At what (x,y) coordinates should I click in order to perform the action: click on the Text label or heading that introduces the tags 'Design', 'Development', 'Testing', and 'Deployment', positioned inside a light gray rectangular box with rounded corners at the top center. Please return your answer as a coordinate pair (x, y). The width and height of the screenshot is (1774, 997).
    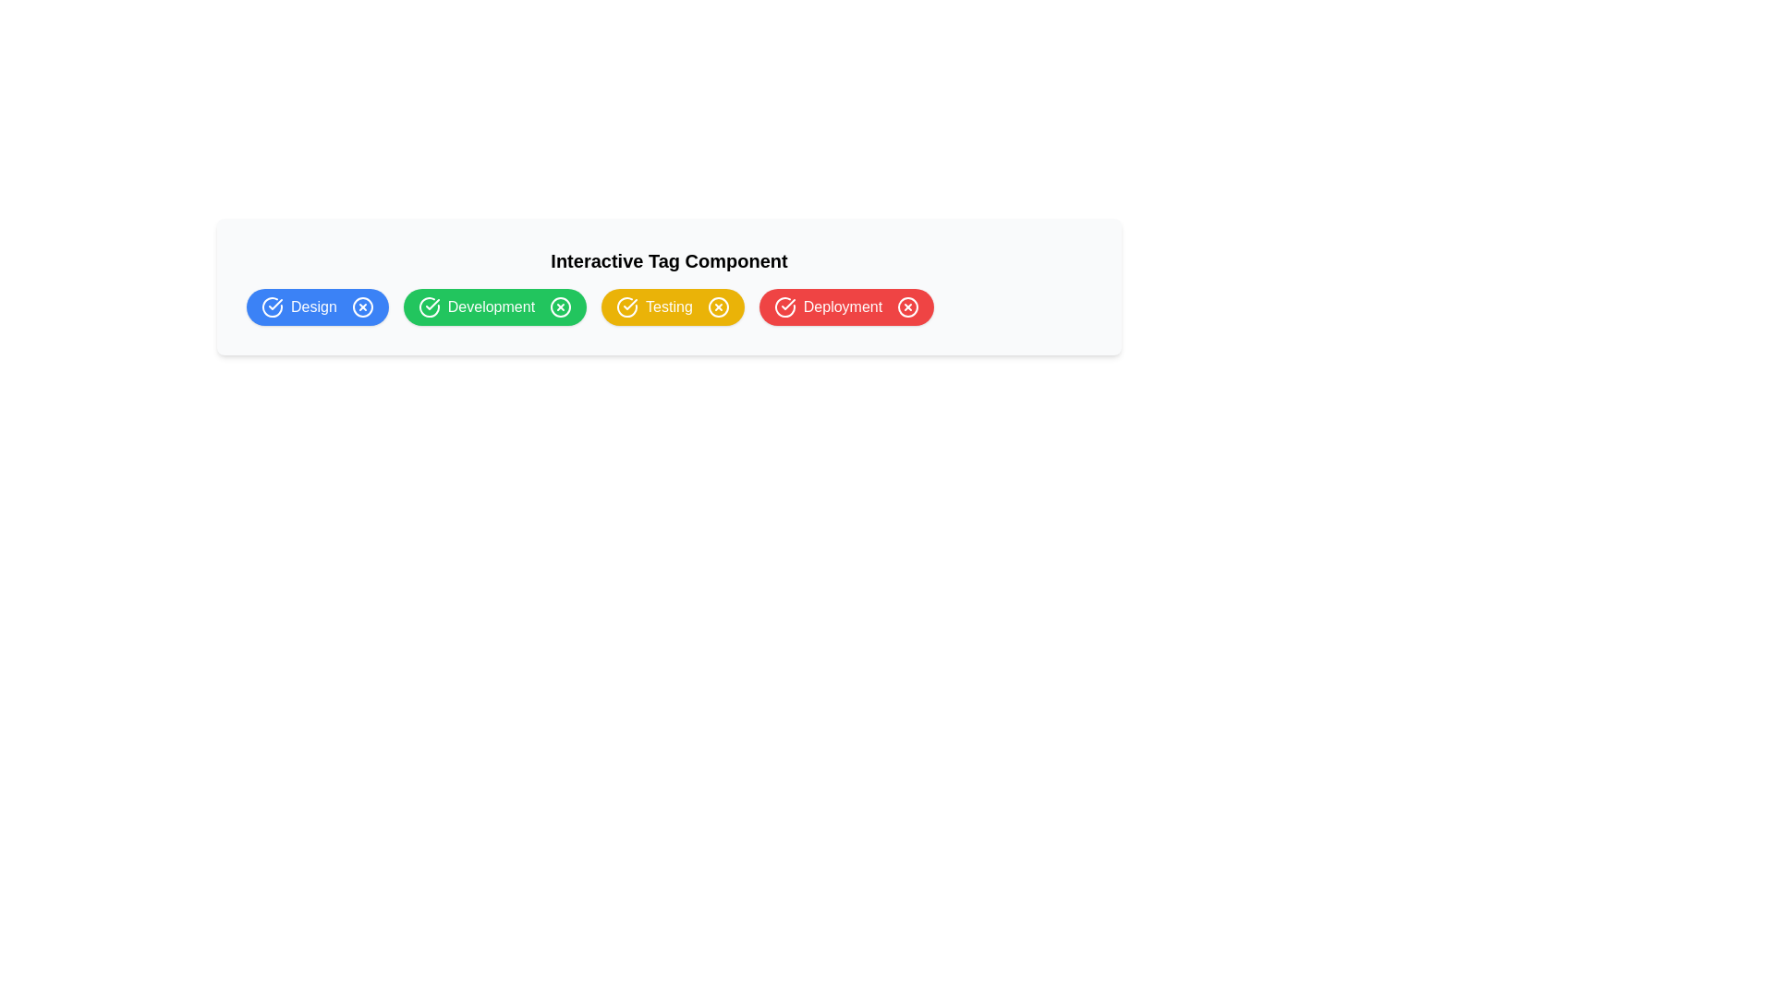
    Looking at the image, I should click on (668, 260).